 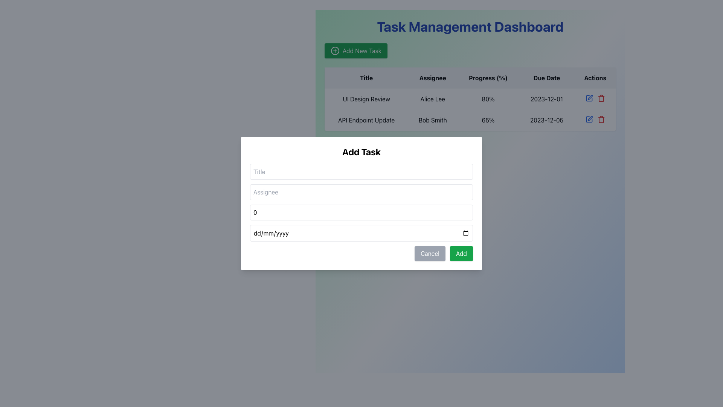 What do you see at coordinates (433, 98) in the screenshot?
I see `the text label indicating the assignee for the 'UI Design Review' task, located in the second column under the 'Assignee' heading in the first row of the table` at bounding box center [433, 98].